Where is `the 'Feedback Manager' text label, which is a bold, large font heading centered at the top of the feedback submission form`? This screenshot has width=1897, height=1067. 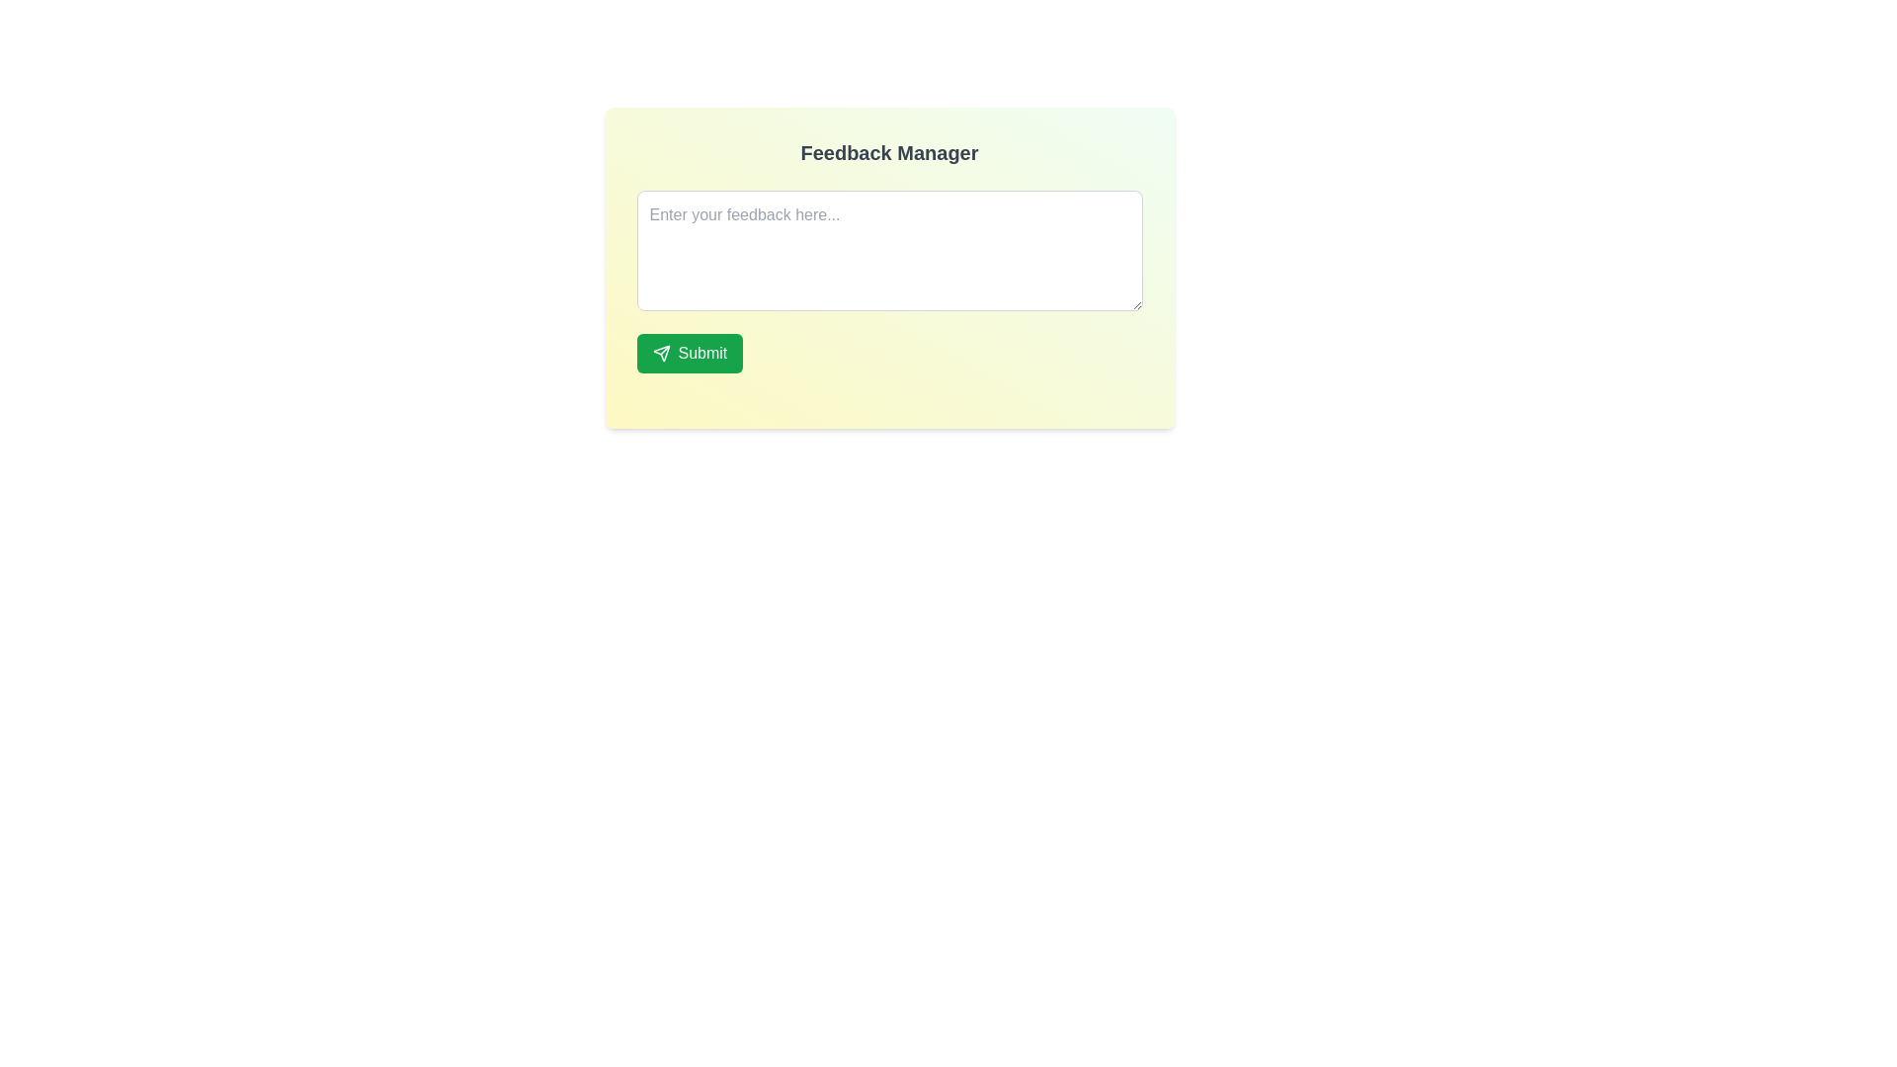
the 'Feedback Manager' text label, which is a bold, large font heading centered at the top of the feedback submission form is located at coordinates (888, 151).